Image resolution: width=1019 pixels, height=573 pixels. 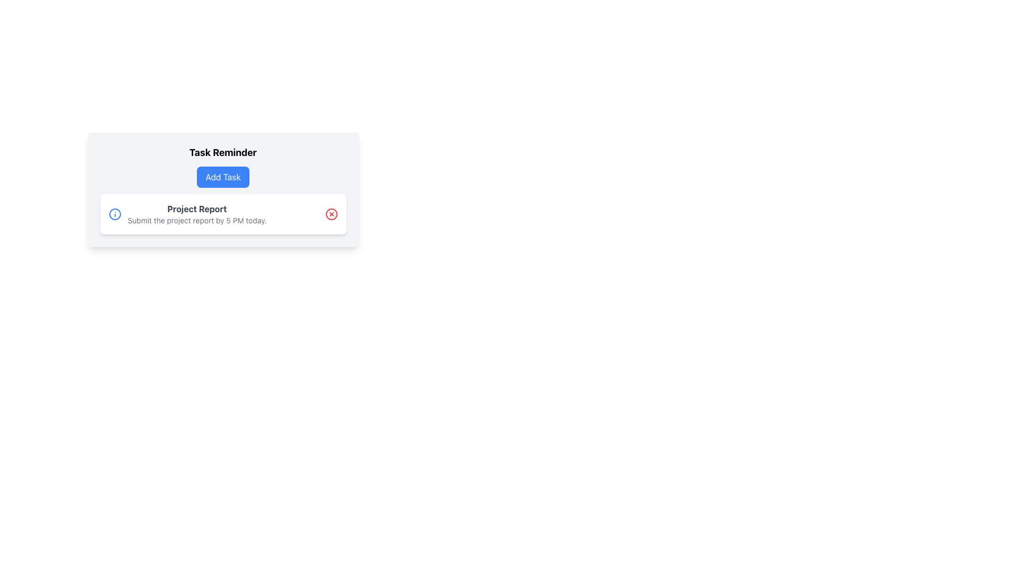 I want to click on the 'Add Task' button located below the 'Task Reminder' heading, so click(x=222, y=177).